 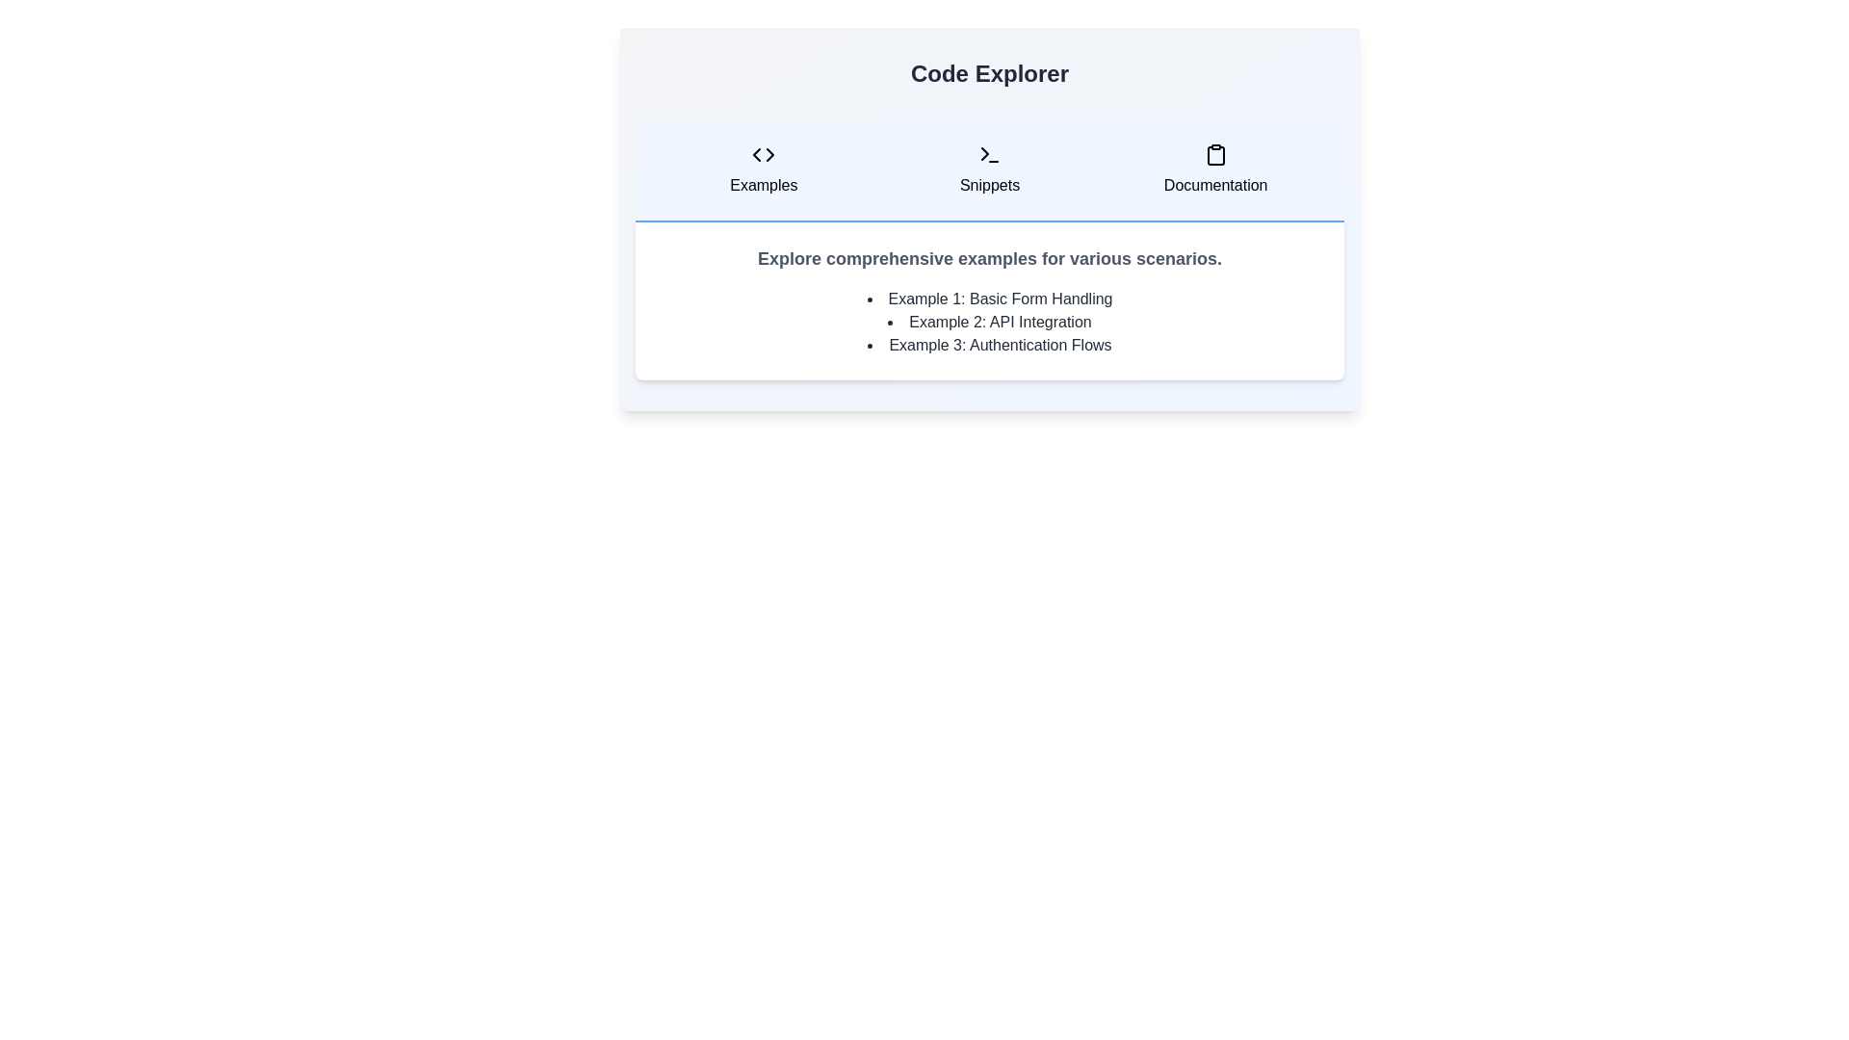 What do you see at coordinates (989, 169) in the screenshot?
I see `the Tab Navigation element with a light blue background and rounded corners, located below the 'Code Explorer' header` at bounding box center [989, 169].